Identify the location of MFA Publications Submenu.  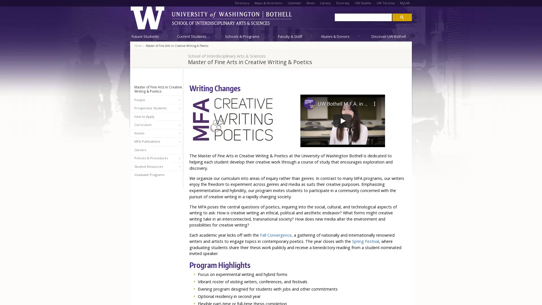
(179, 141).